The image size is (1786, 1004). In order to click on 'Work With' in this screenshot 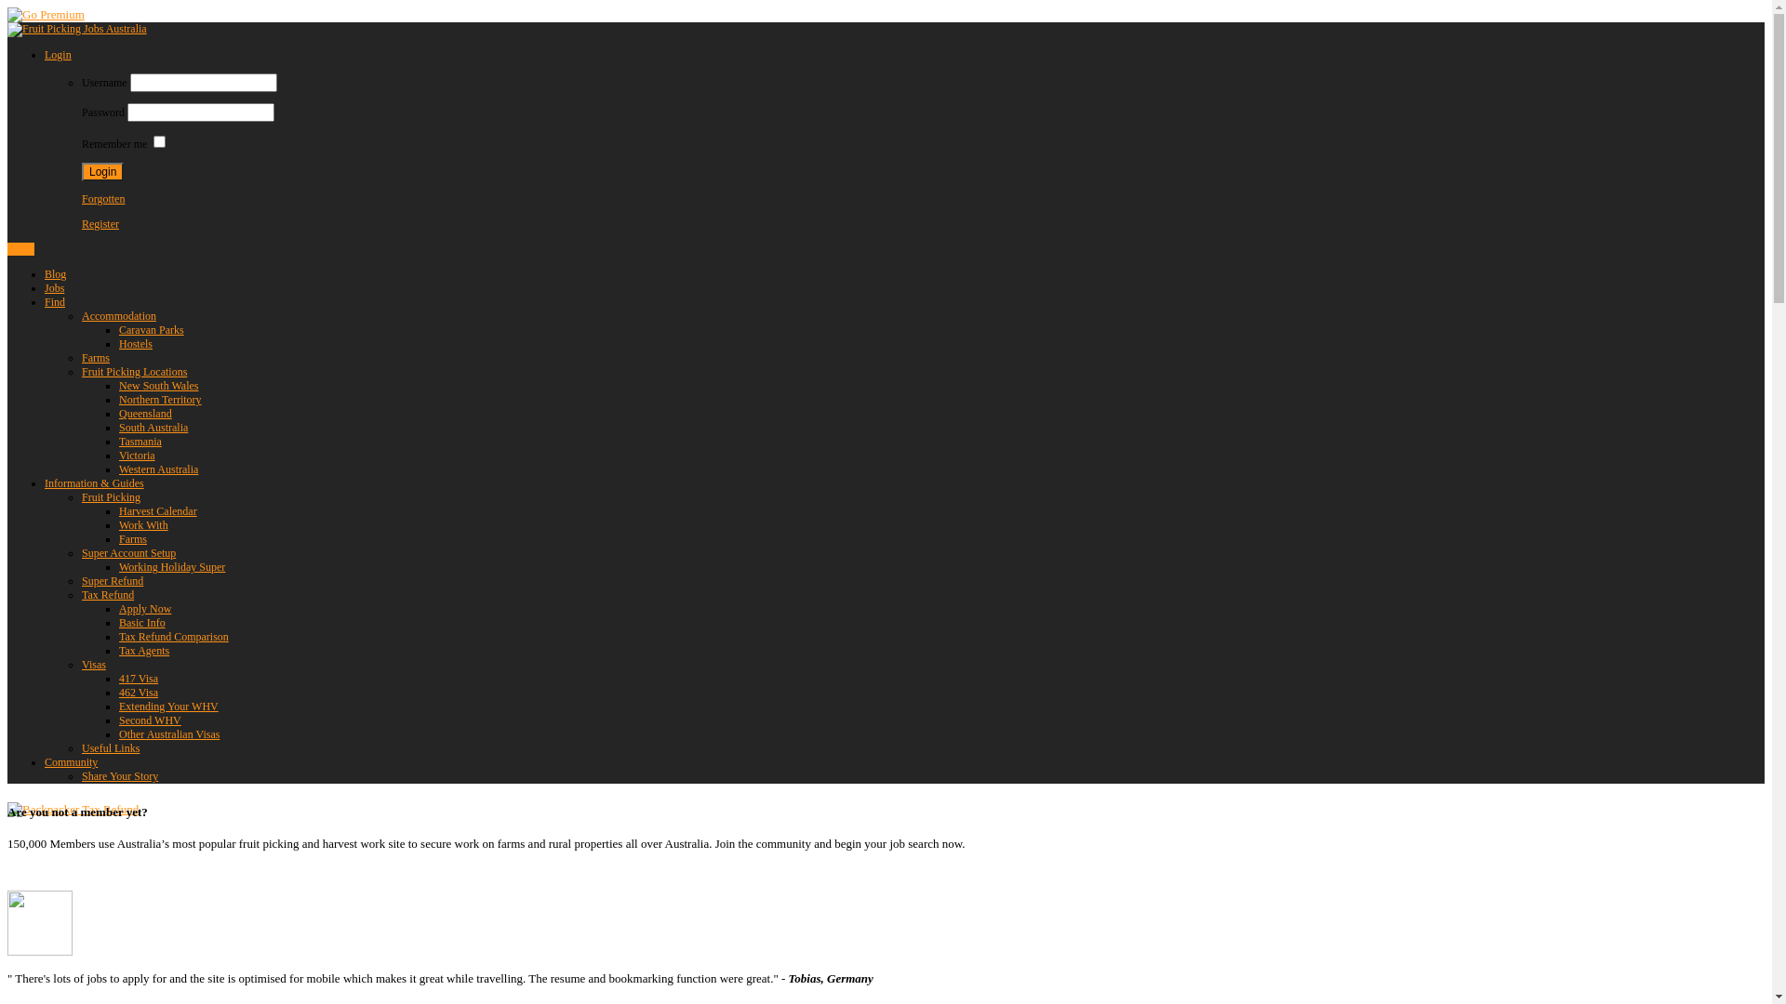, I will do `click(142, 524)`.